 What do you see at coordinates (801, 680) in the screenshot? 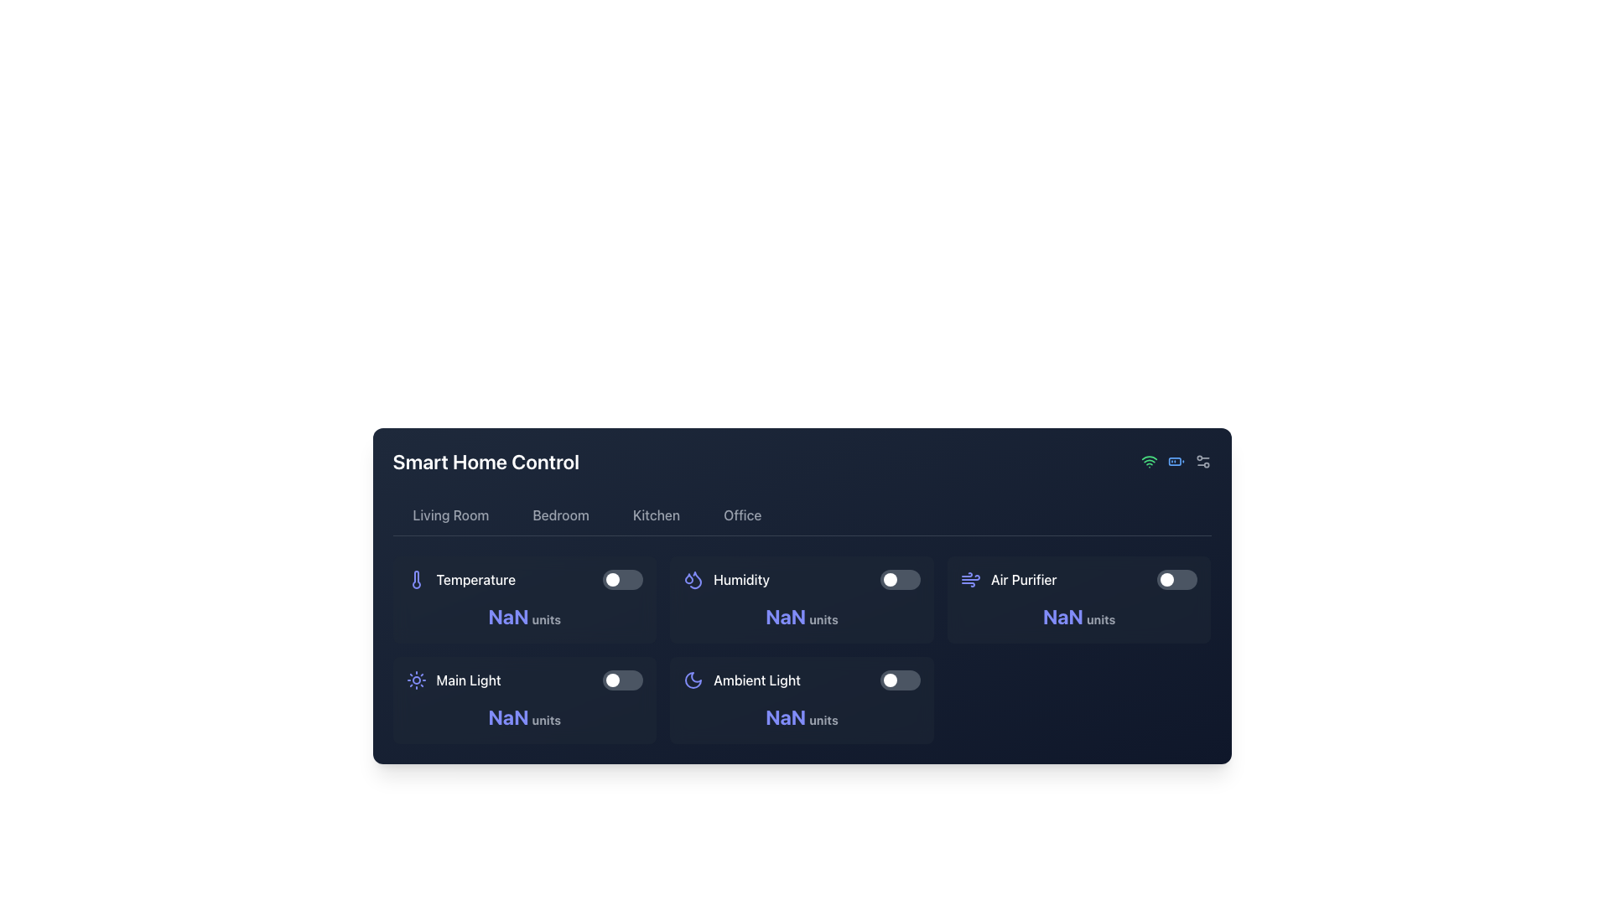
I see `the 'Ambient Light' toggle switch to potentially reveal more information about its functionality` at bounding box center [801, 680].